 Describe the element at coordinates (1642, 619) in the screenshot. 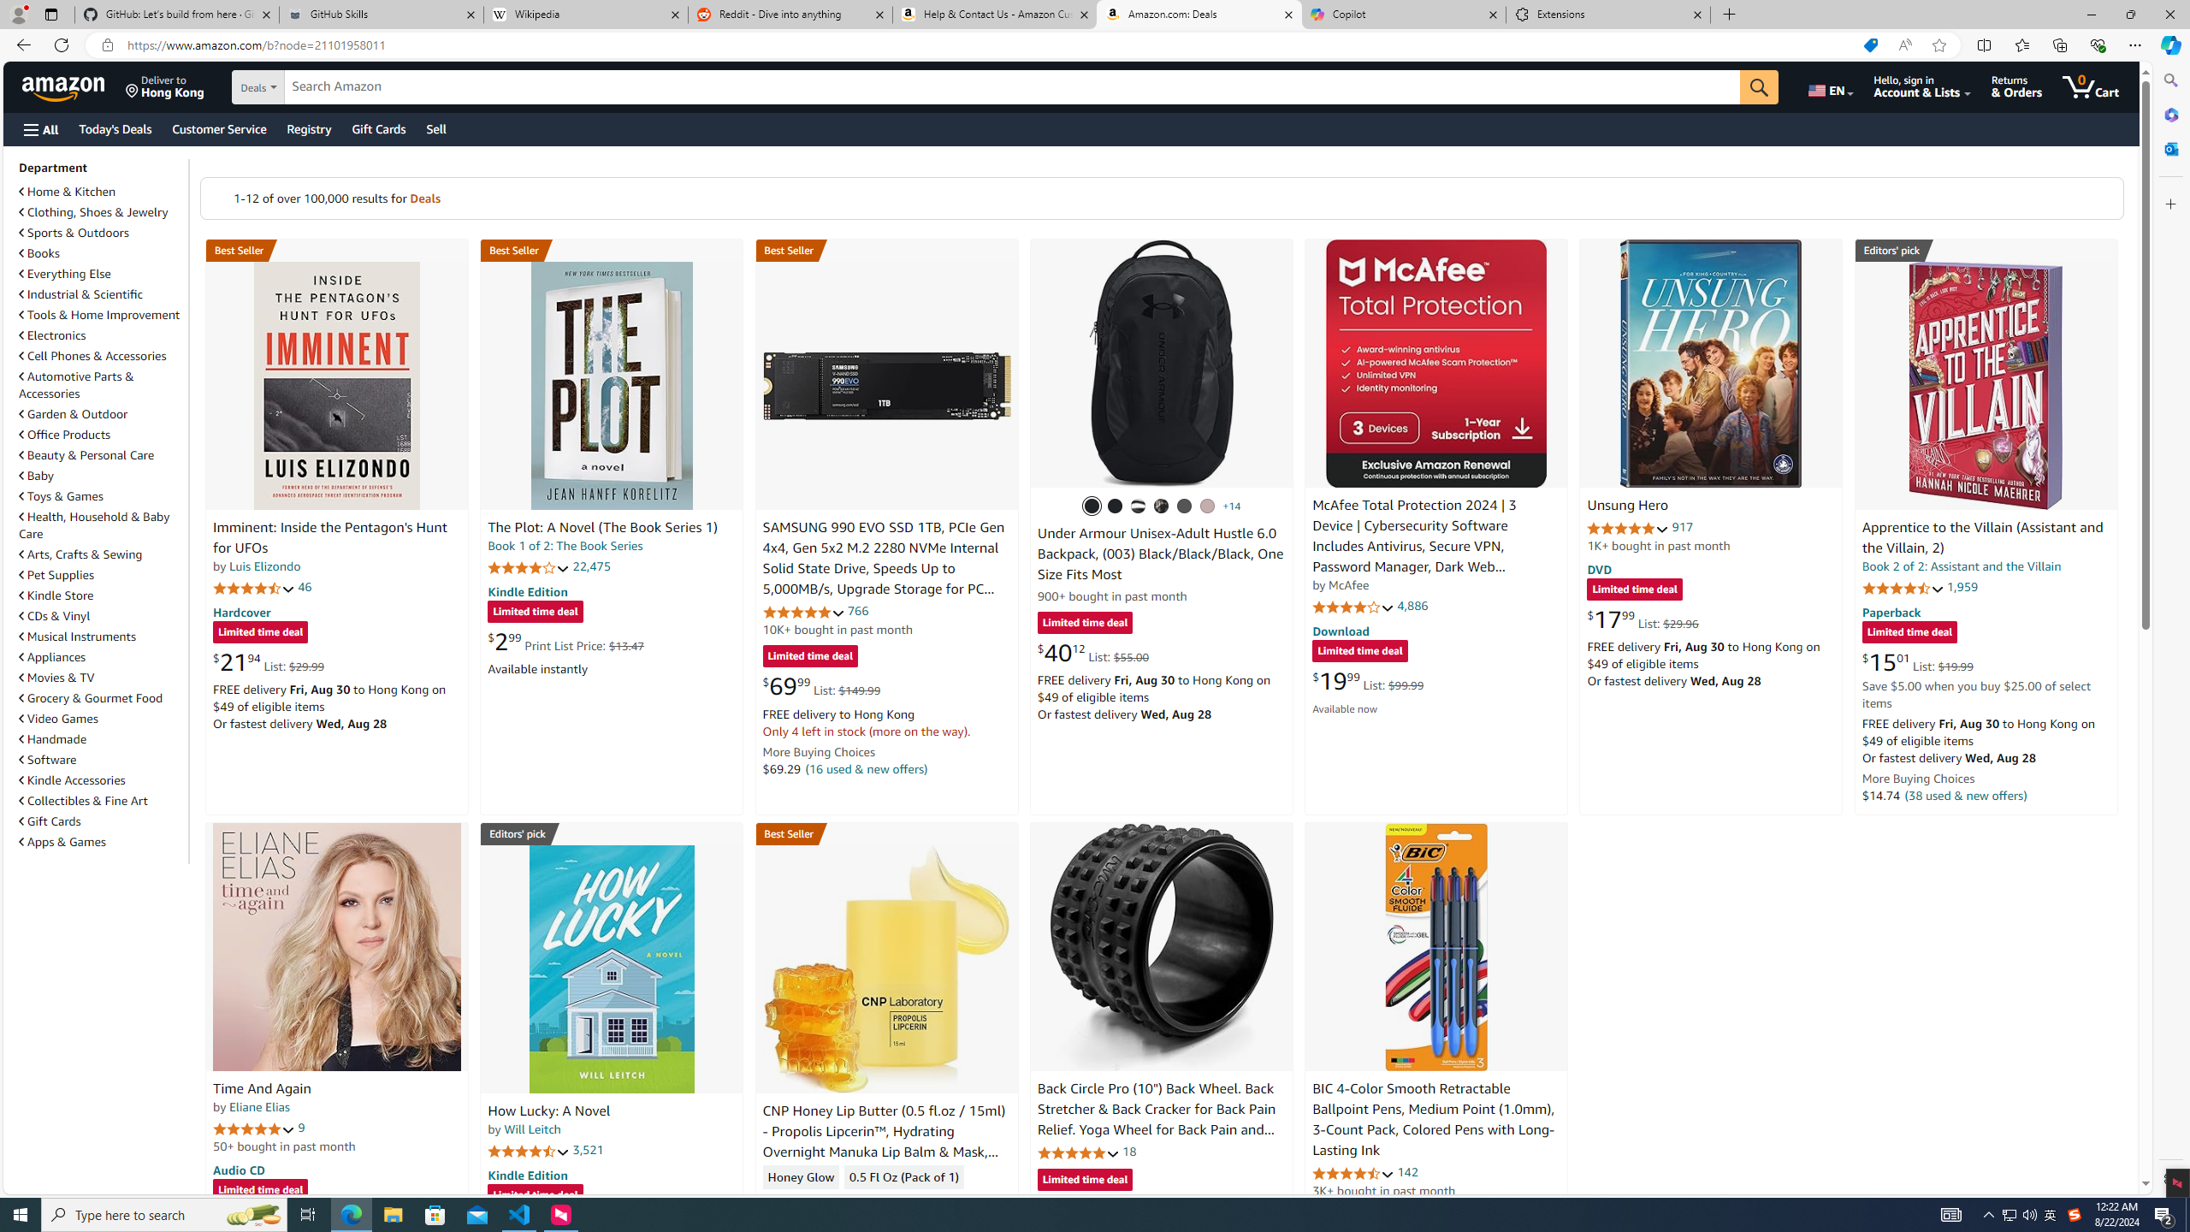

I see `'$17.99 List: $29.96'` at that location.